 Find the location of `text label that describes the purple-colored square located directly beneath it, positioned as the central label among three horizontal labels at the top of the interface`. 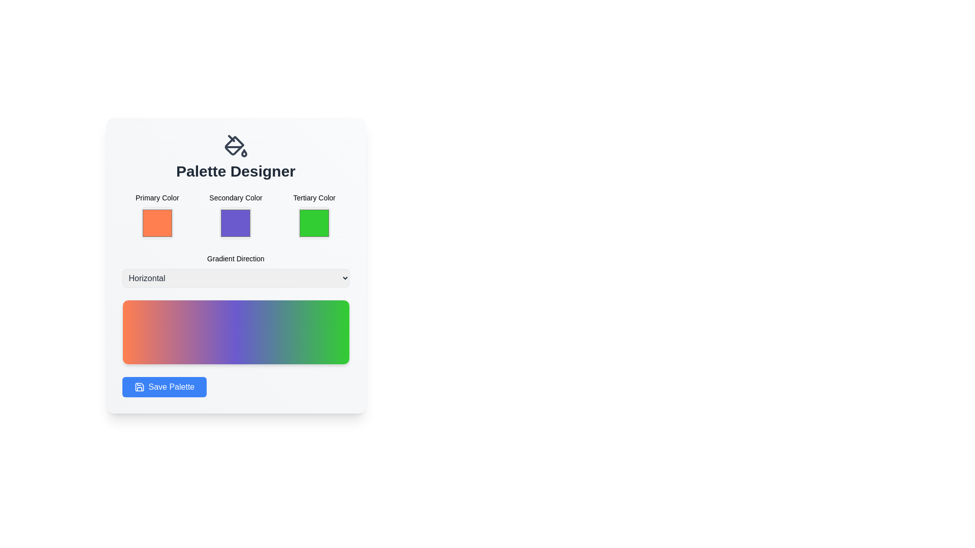

text label that describes the purple-colored square located directly beneath it, positioned as the central label among three horizontal labels at the top of the interface is located at coordinates (235, 197).